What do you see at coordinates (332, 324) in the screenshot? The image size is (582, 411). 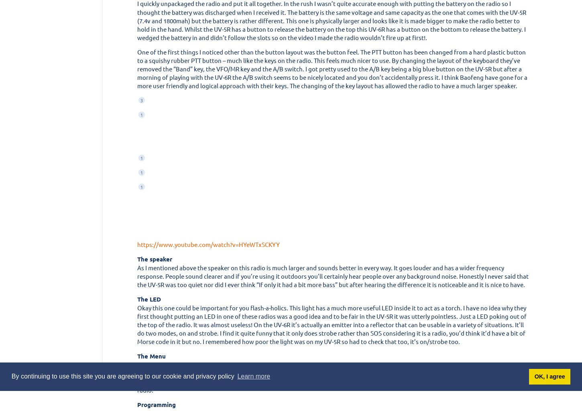 I see `'Okay this one could be important for you flash-a-holics. This light has a much more useful LED inside it to act as a torch. I have no idea why they first thought putting an LED in one of these radios was a good idea and to be fair in the UV-5R it was utterly pointless. Just a LED poking out of the top of the radio. It was almost useless! On the UV-6R it’s actually an emitter into a reflector that can be usable in a variety of situations. It’ll do two modes, on and strobe. I find it quite funny that it only does strobe rather than SOS considering it is a radio, you’d think it’d have a bit of Morse code in it but no. I remembered how poor the light was on my UV-5R so had to check that too, it’s on/strobe too.'` at bounding box center [332, 324].